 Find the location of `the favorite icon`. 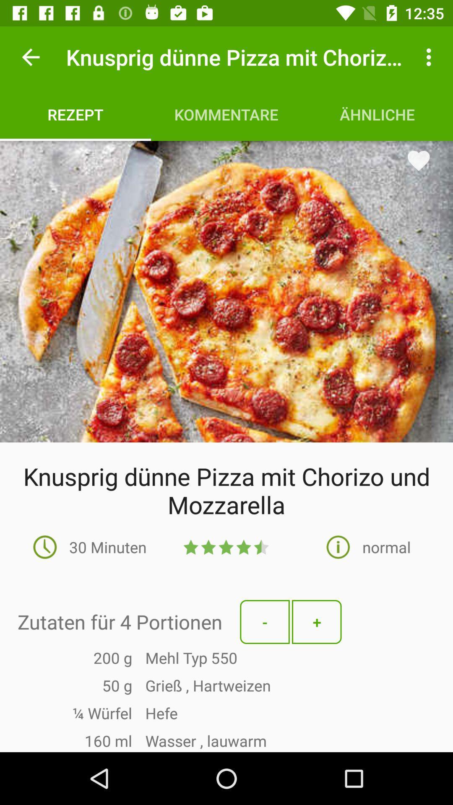

the favorite icon is located at coordinates (419, 161).